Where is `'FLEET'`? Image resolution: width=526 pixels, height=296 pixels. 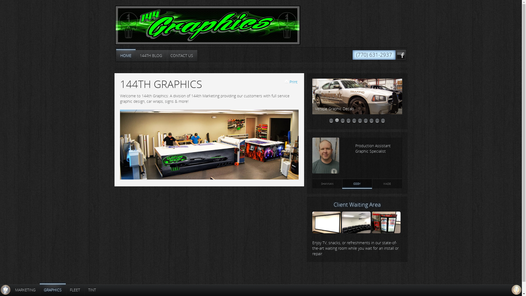 'FLEET' is located at coordinates (66, 290).